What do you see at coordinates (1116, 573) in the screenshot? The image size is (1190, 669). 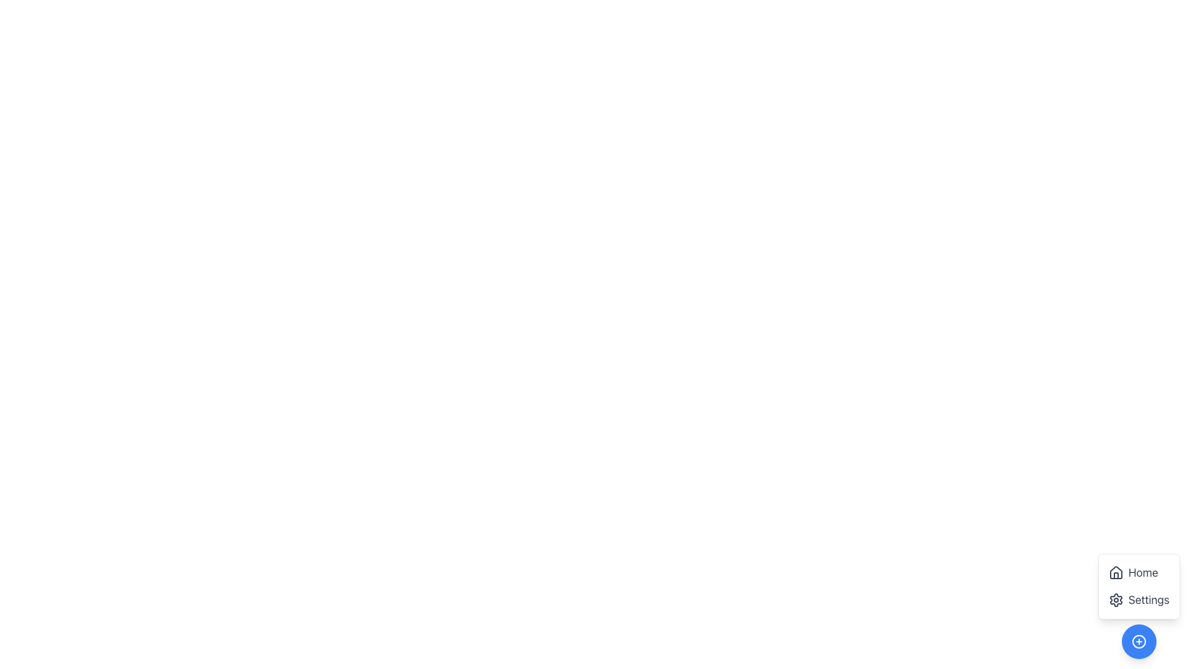 I see `the 'Home' icon located at the bottom-right corner of the interface` at bounding box center [1116, 573].